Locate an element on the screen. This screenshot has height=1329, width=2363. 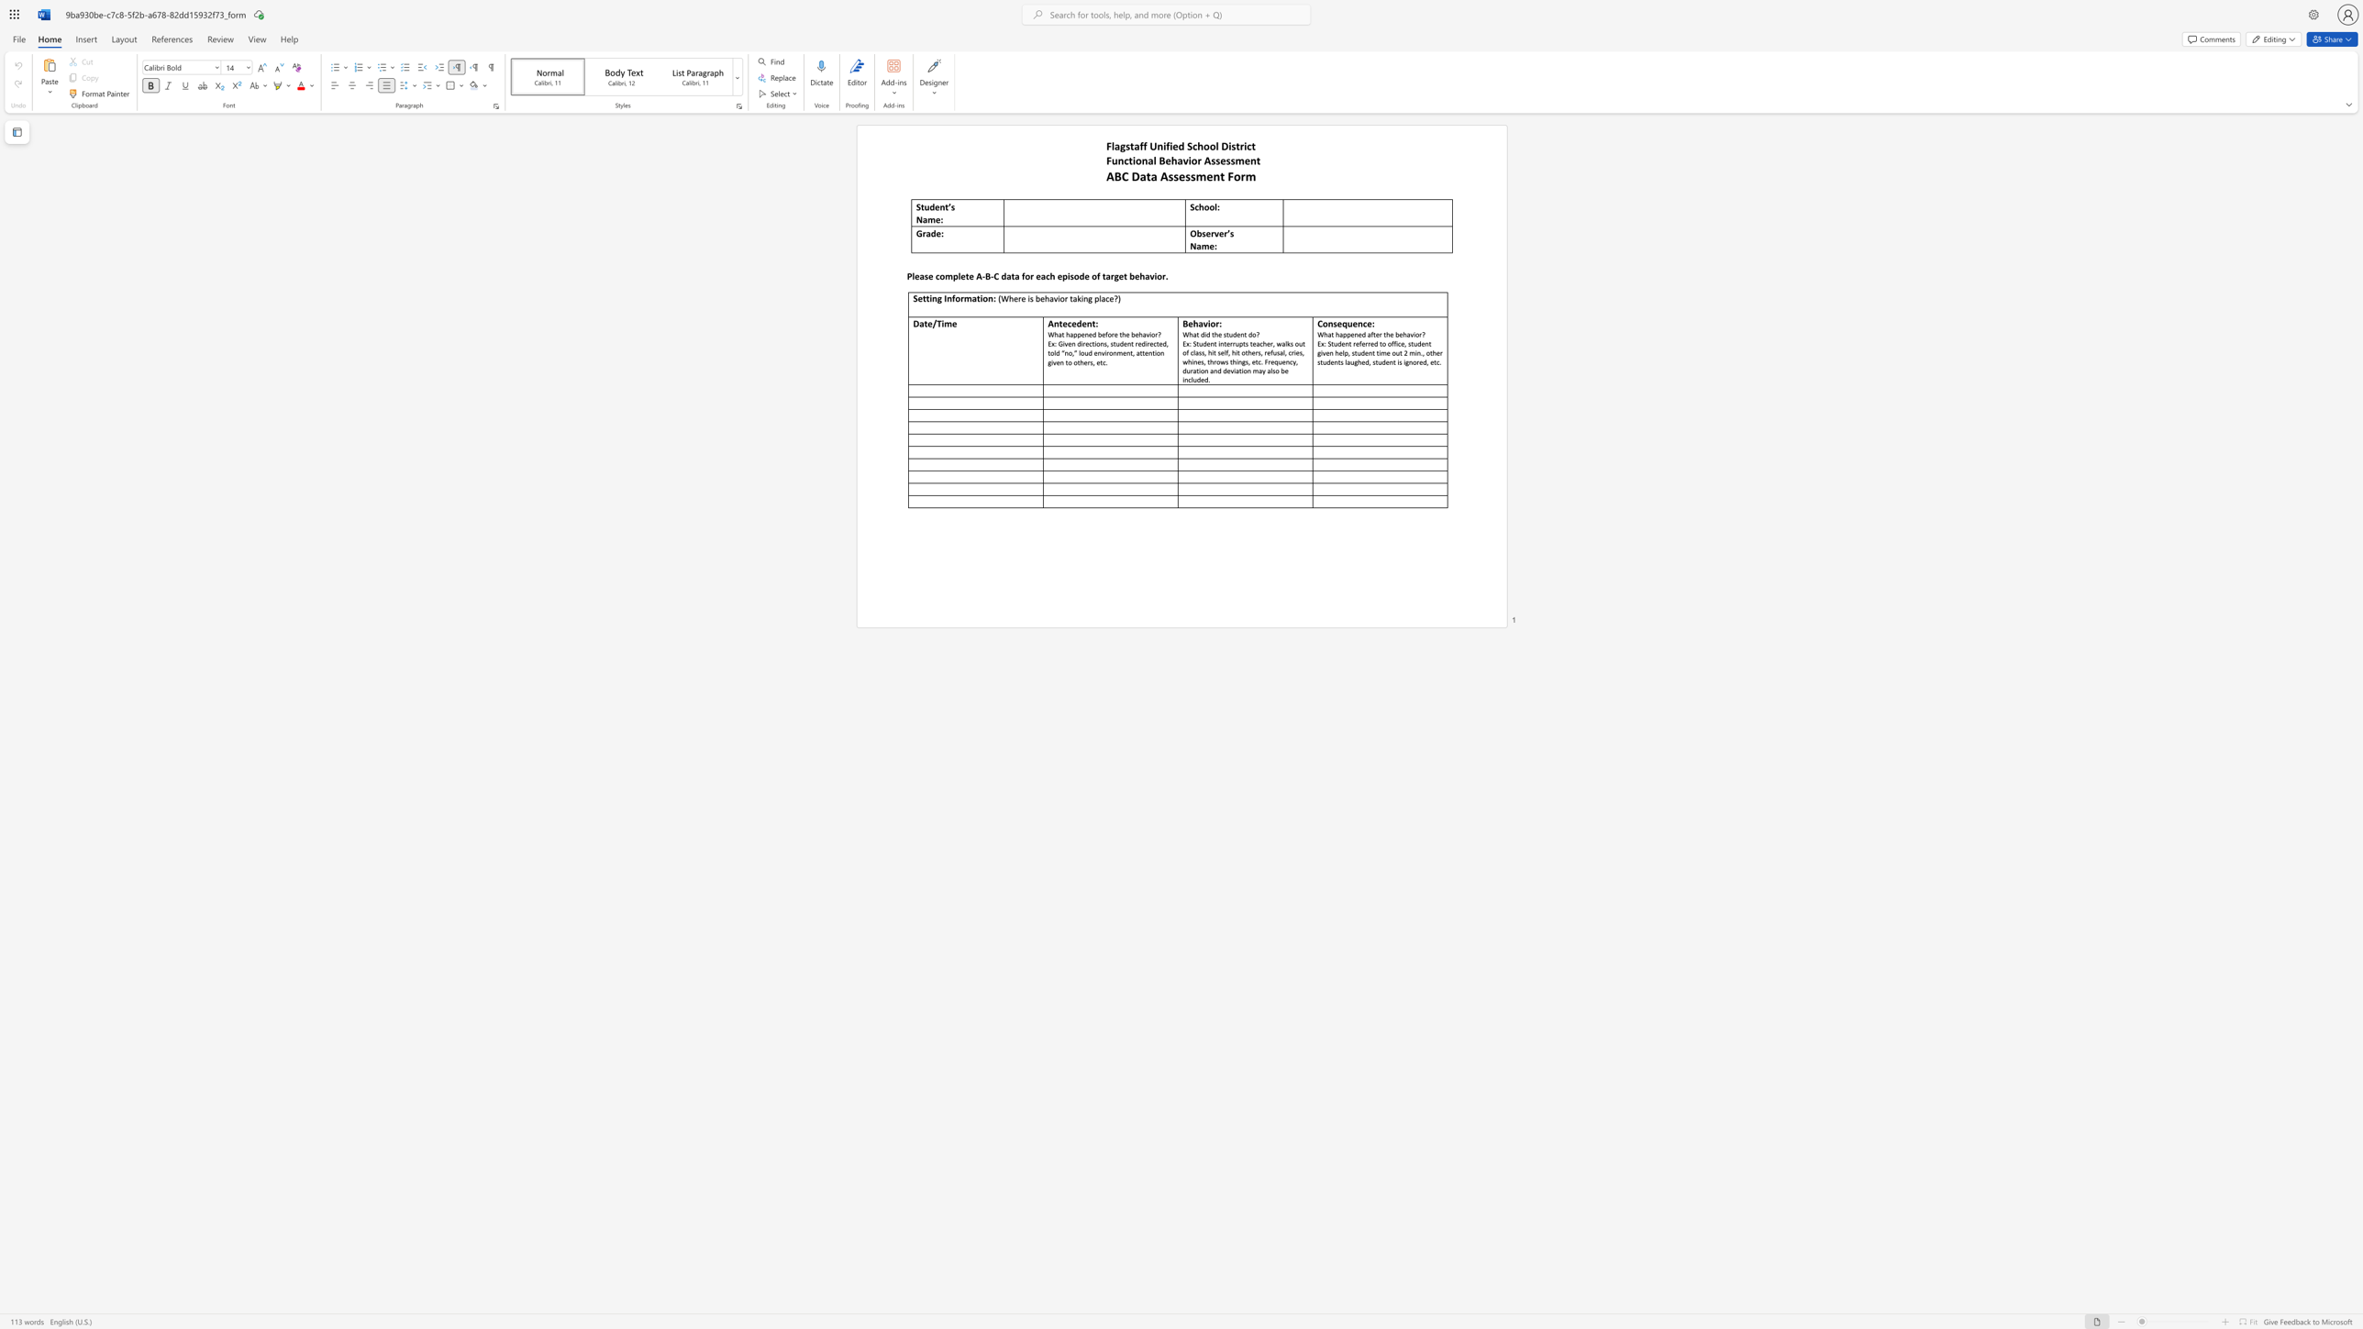
the subset text "ehavior taking place?)" within the text "(Where is behavior taking place?)" is located at coordinates (1039, 297).